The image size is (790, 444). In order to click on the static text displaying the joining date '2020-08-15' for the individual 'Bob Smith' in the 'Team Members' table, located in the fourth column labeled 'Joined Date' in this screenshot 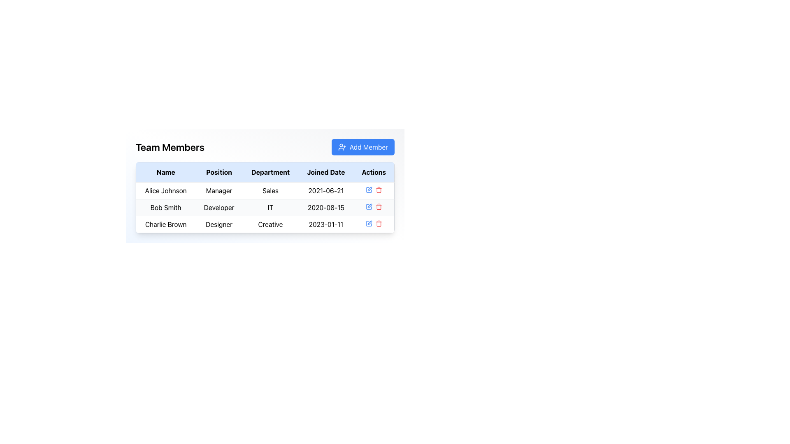, I will do `click(325, 207)`.